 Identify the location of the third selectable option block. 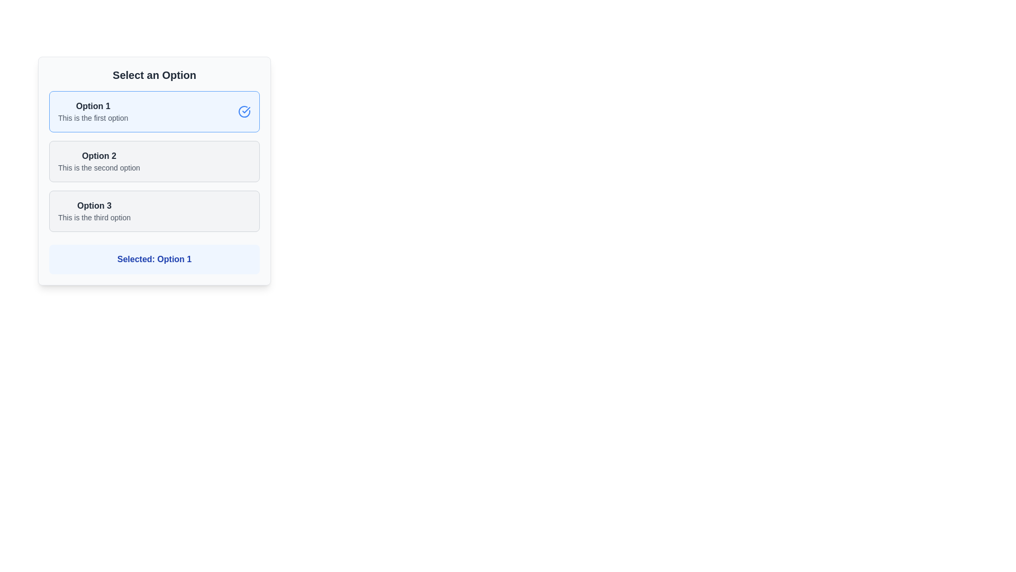
(154, 211).